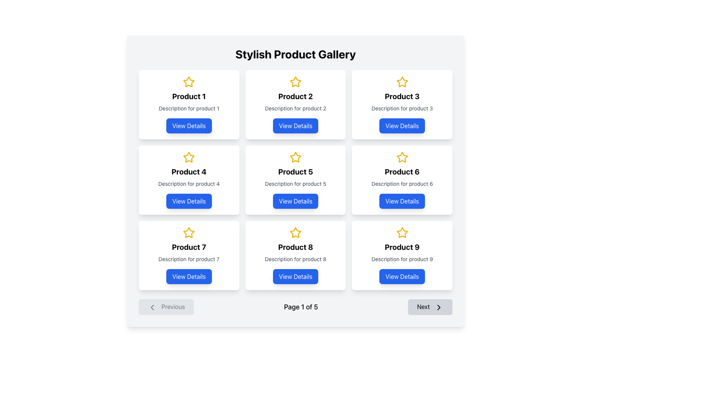 This screenshot has width=724, height=407. I want to click on the text label displaying 'Description for product 3', which is styled in light gray and located below the 'Product 3' title, so click(402, 109).